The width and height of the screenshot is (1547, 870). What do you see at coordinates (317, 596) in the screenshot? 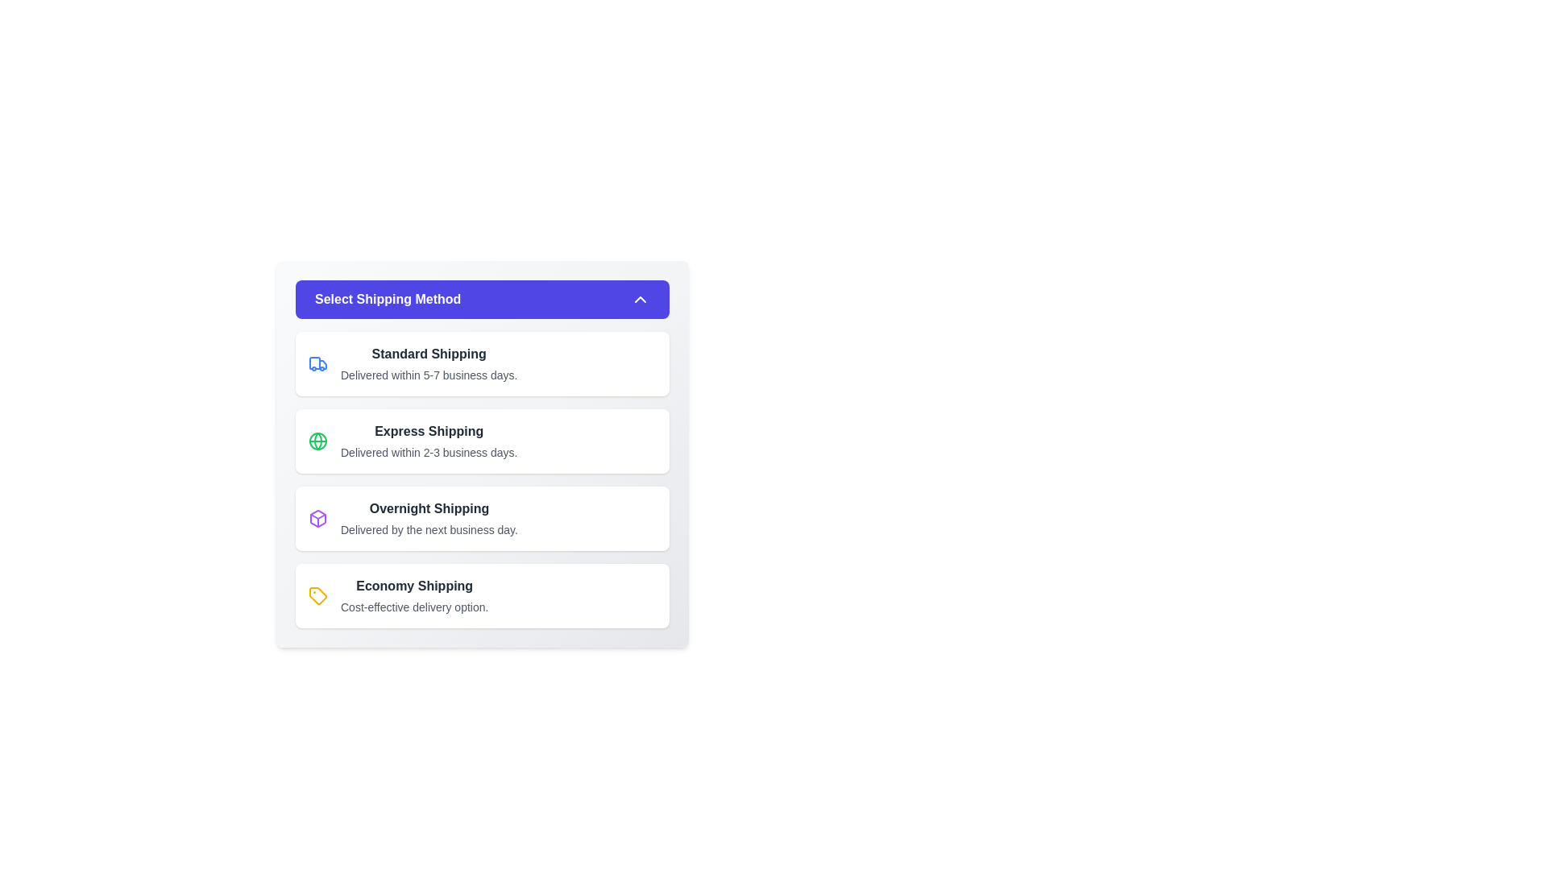
I see `the 'Economy Shipping' icon located in the left portion of the option box` at bounding box center [317, 596].